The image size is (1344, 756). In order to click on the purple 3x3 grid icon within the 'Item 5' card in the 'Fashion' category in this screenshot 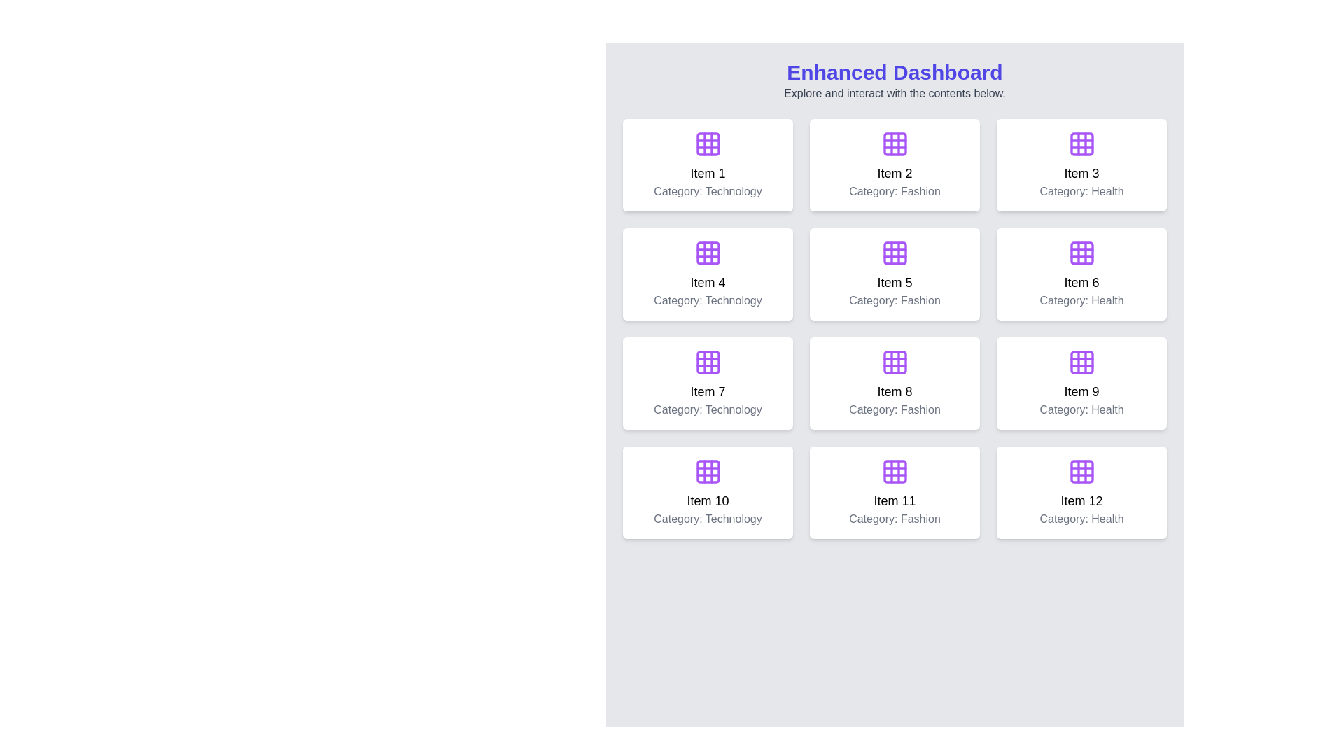, I will do `click(894, 253)`.